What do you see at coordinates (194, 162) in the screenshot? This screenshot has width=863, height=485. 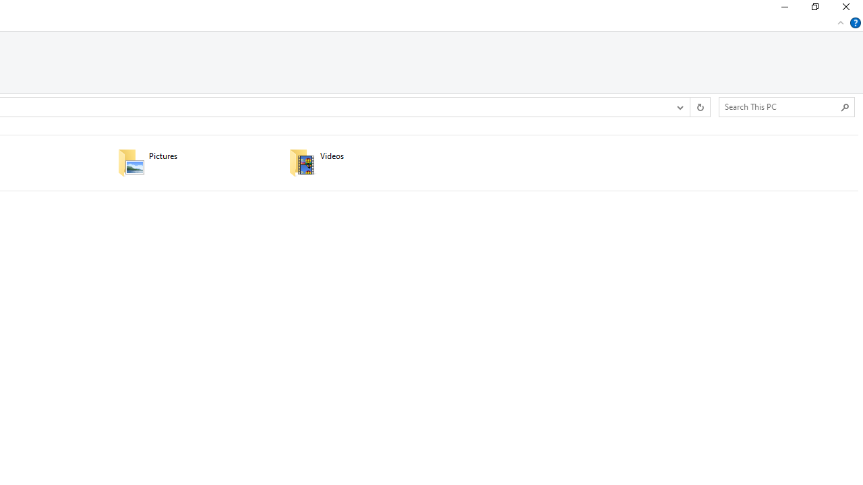 I see `'Pictures'` at bounding box center [194, 162].